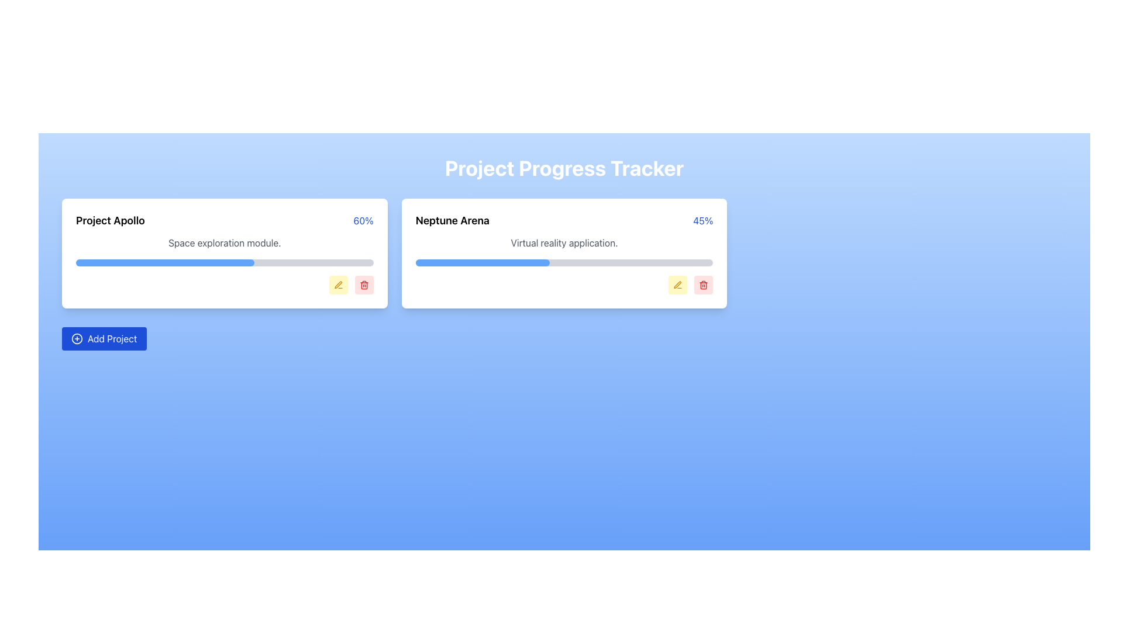 Image resolution: width=1123 pixels, height=631 pixels. I want to click on the progress bar representing the progress percentage for the 'Project Apollo' task, located at the bottom of the card layout, so click(164, 263).